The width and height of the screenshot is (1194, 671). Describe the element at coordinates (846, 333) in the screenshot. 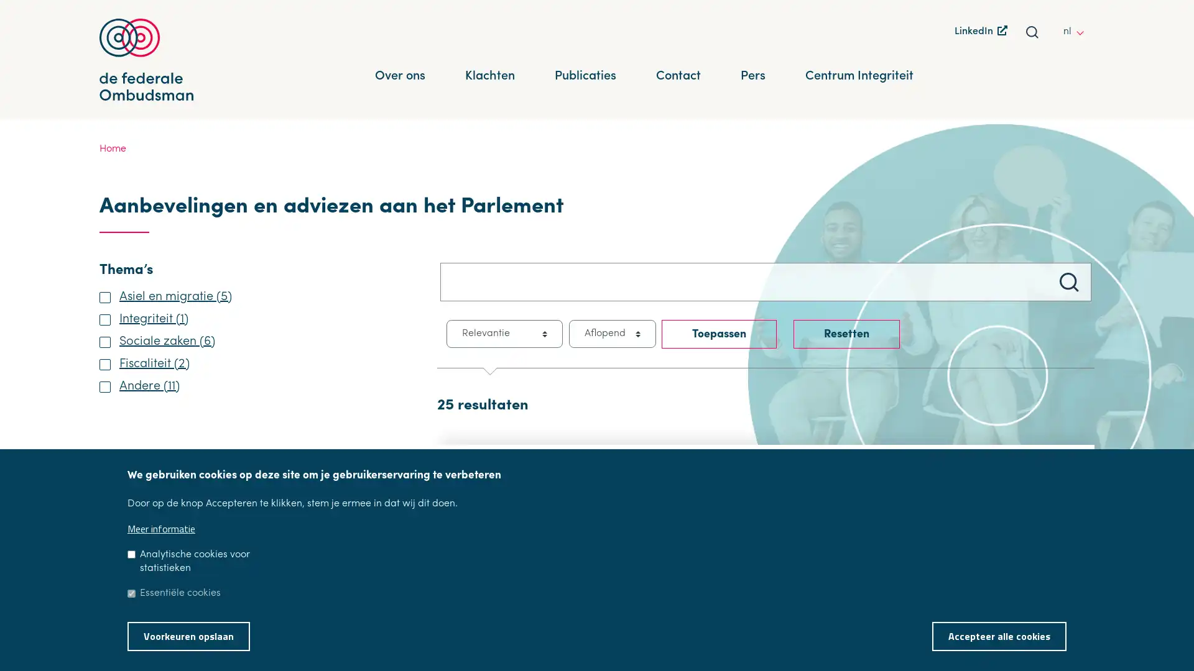

I see `Resetten` at that location.